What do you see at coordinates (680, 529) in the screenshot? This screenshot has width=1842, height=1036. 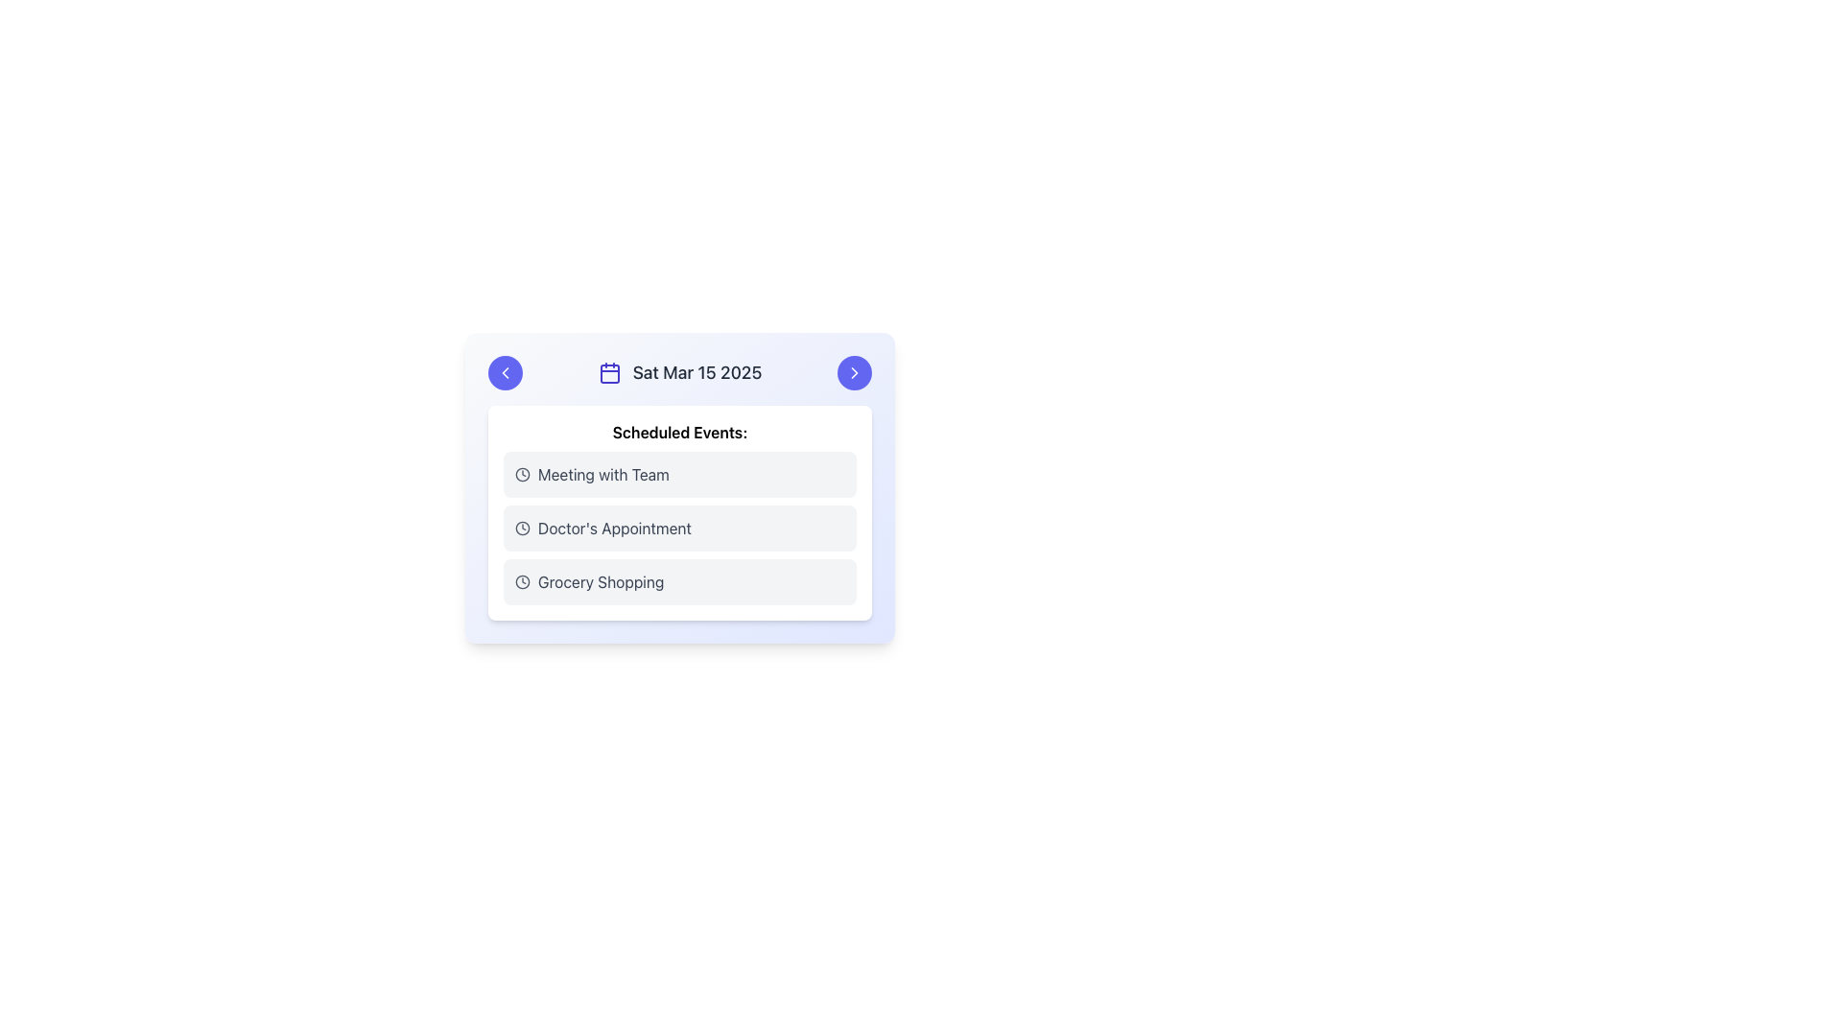 I see `the event entry for 'Doctor's Appointment', which is the second item in the vertically-aligned list of scheduled appointments` at bounding box center [680, 529].